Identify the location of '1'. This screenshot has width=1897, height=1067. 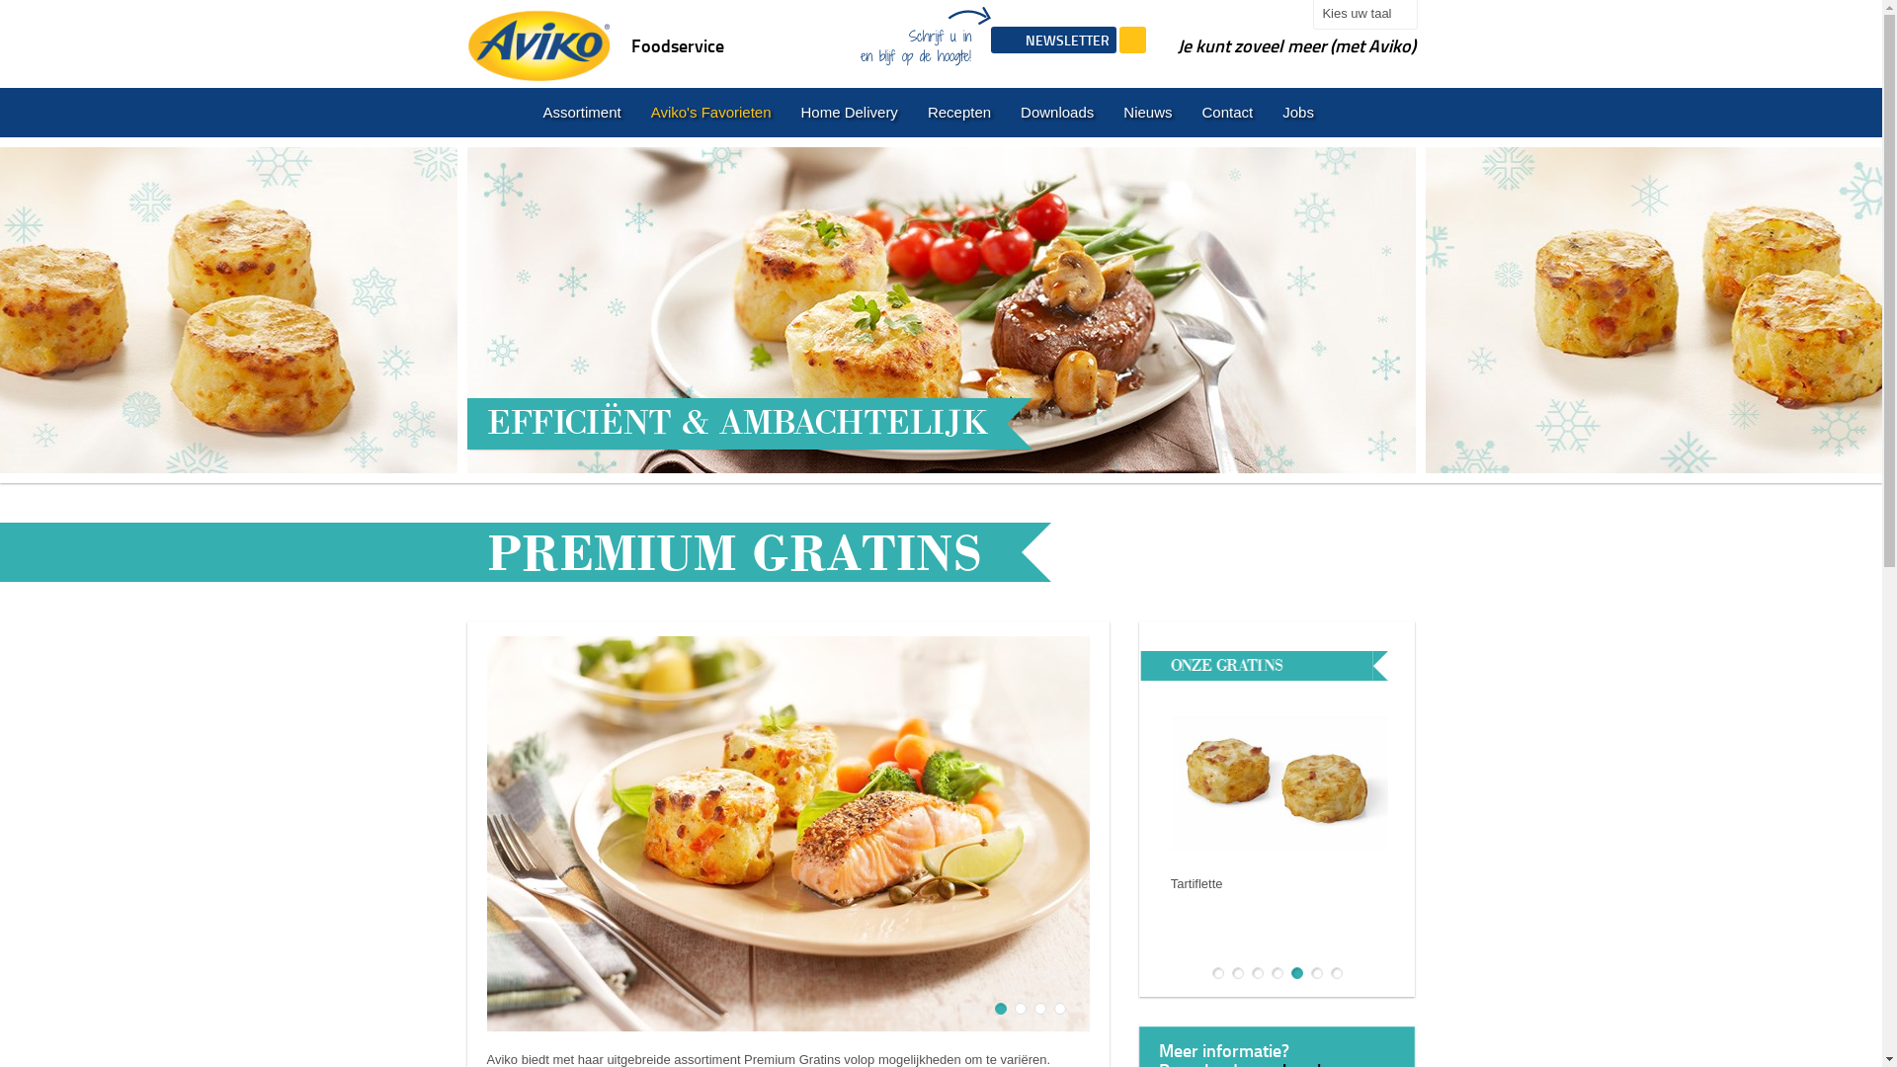
(1217, 971).